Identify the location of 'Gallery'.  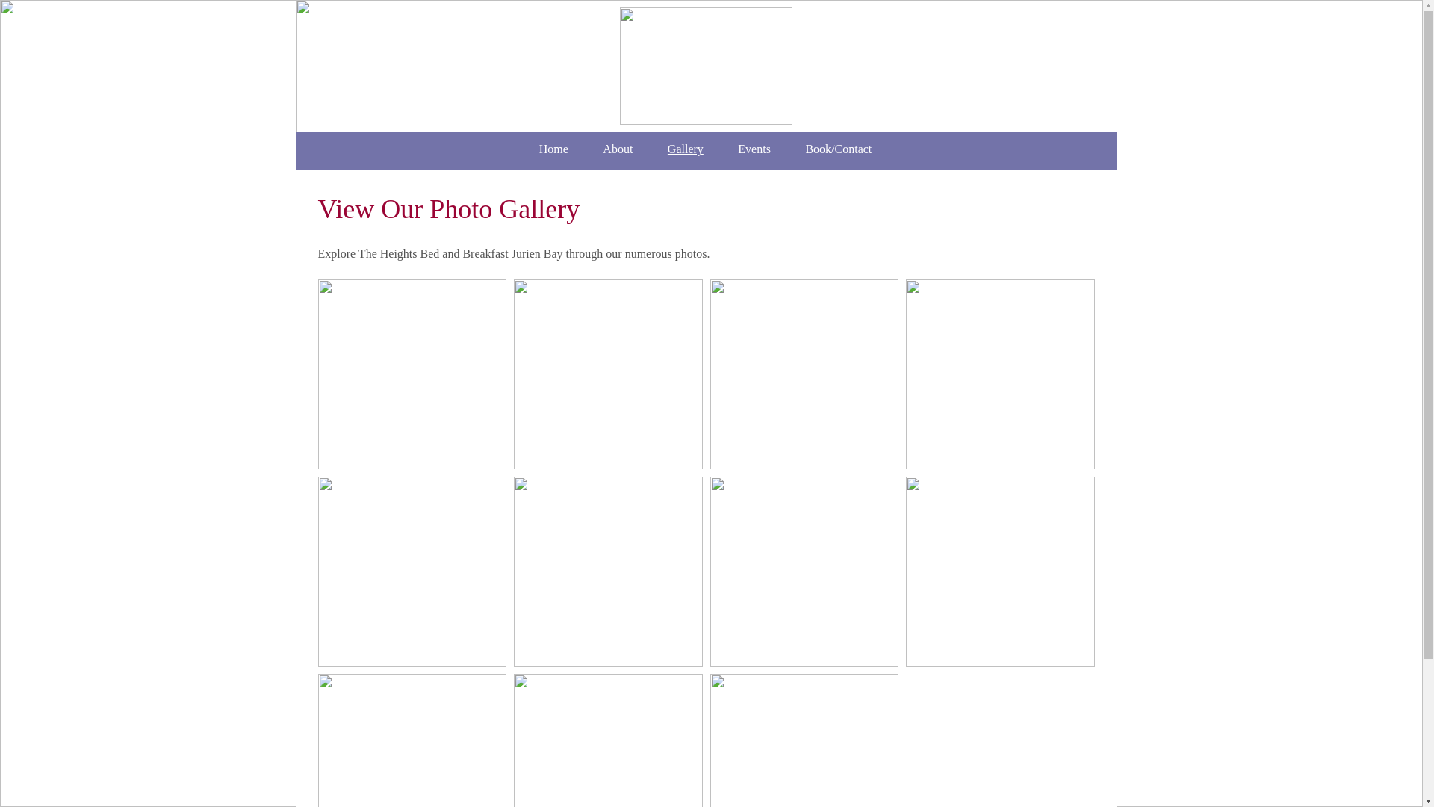
(684, 149).